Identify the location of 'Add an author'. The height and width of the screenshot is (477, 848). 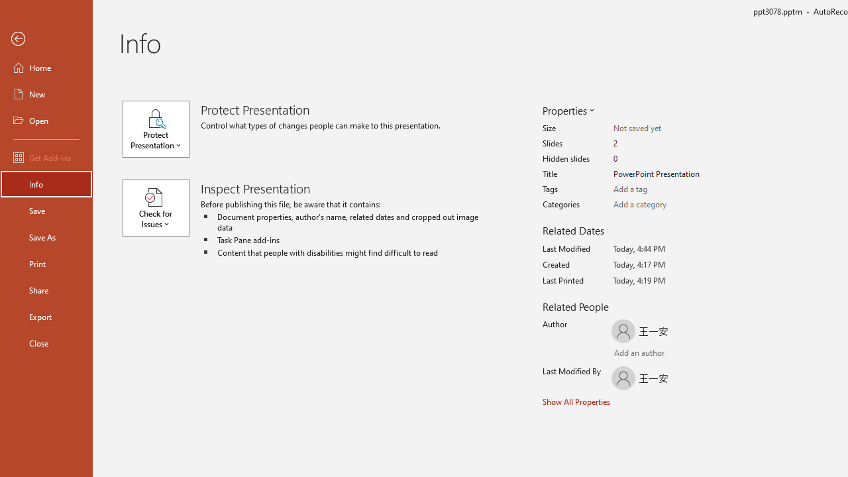
(627, 353).